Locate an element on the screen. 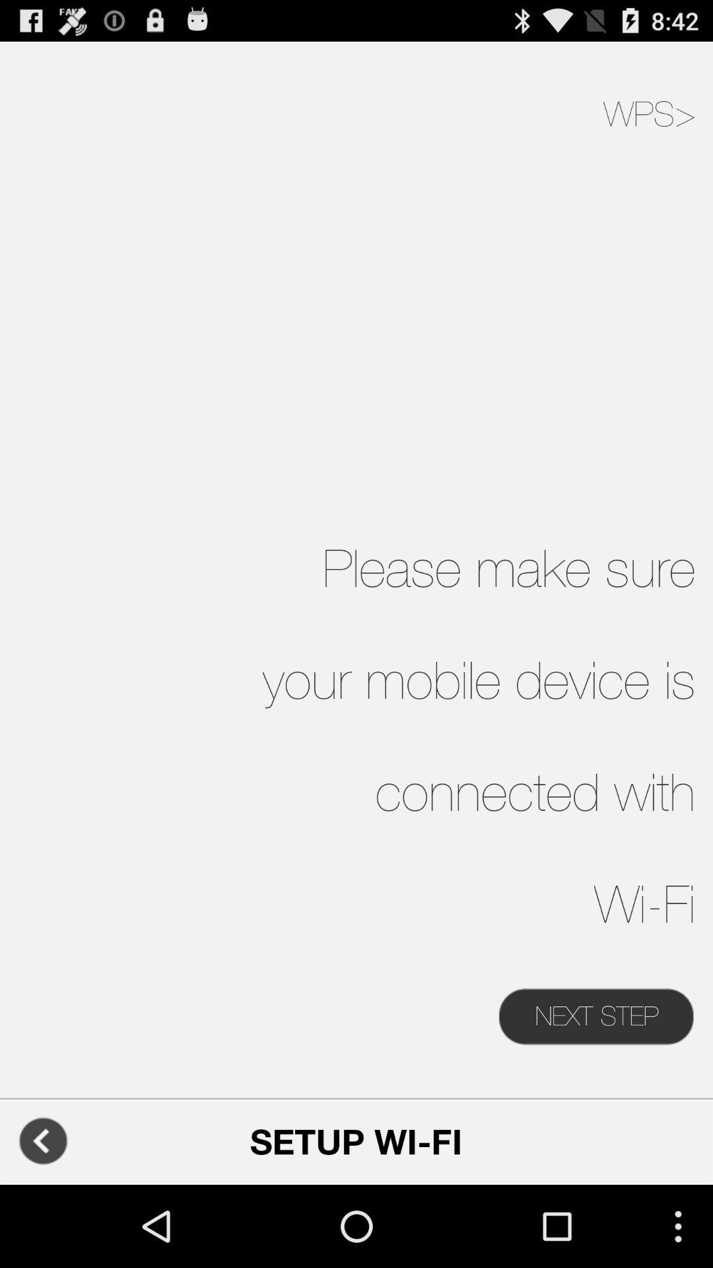 This screenshot has height=1268, width=713. previous page is located at coordinates (42, 1141).